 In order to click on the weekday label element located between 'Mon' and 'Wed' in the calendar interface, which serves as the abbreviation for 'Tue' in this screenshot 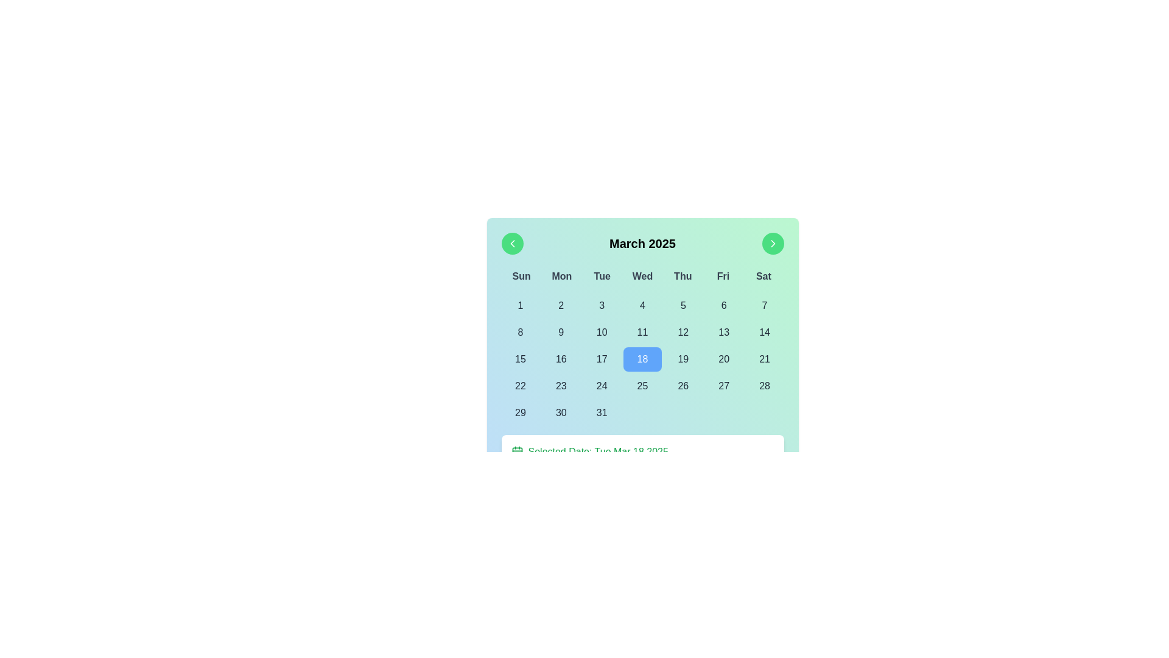, I will do `click(602, 277)`.